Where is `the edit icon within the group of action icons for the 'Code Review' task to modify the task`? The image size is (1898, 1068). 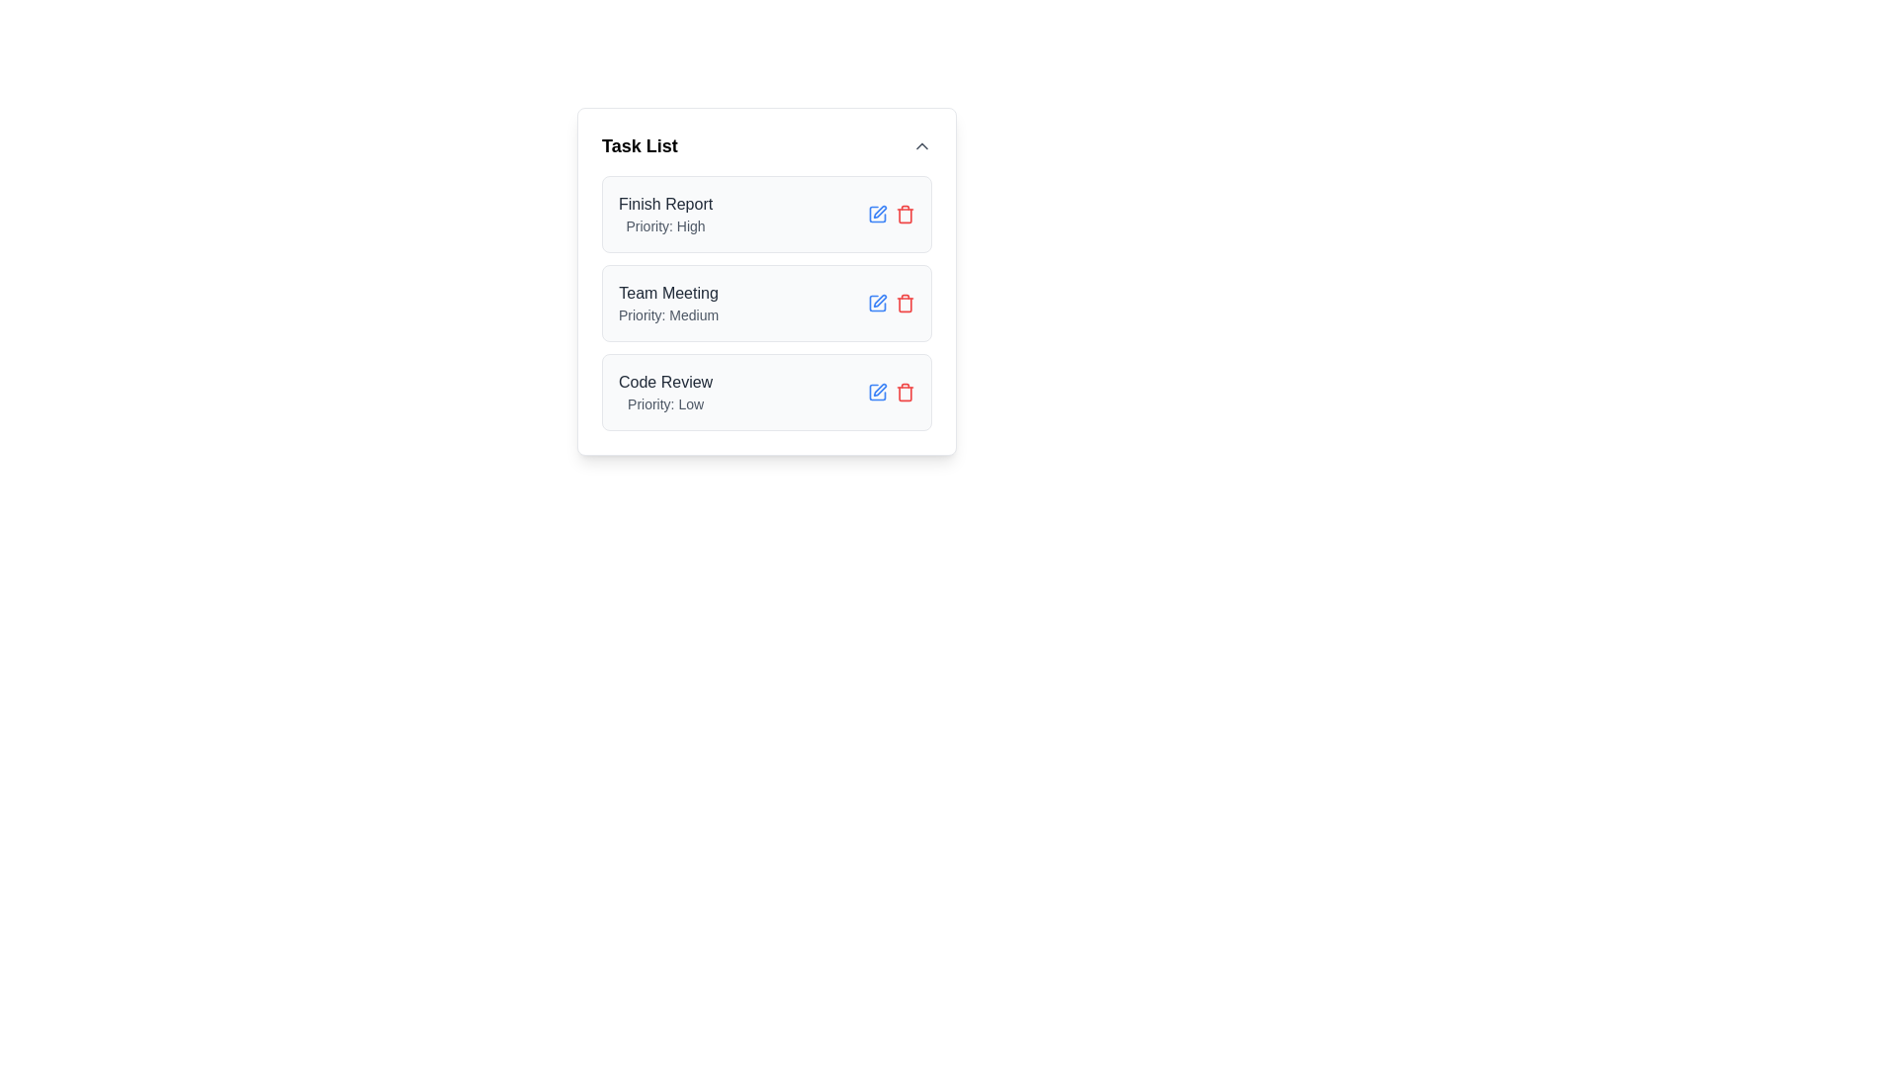
the edit icon within the group of action icons for the 'Code Review' task to modify the task is located at coordinates (891, 393).